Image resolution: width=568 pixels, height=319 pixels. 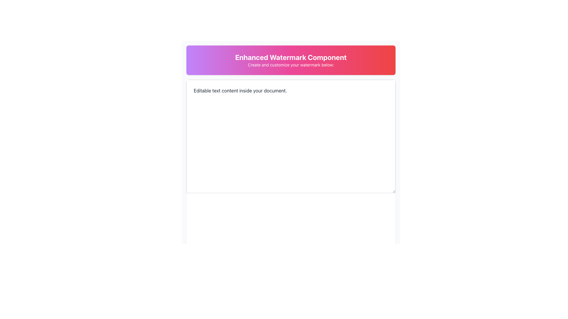 I want to click on the main heading static text element located at the top center of the interface, which introduces the functionality of the surrounding elements, so click(x=291, y=57).